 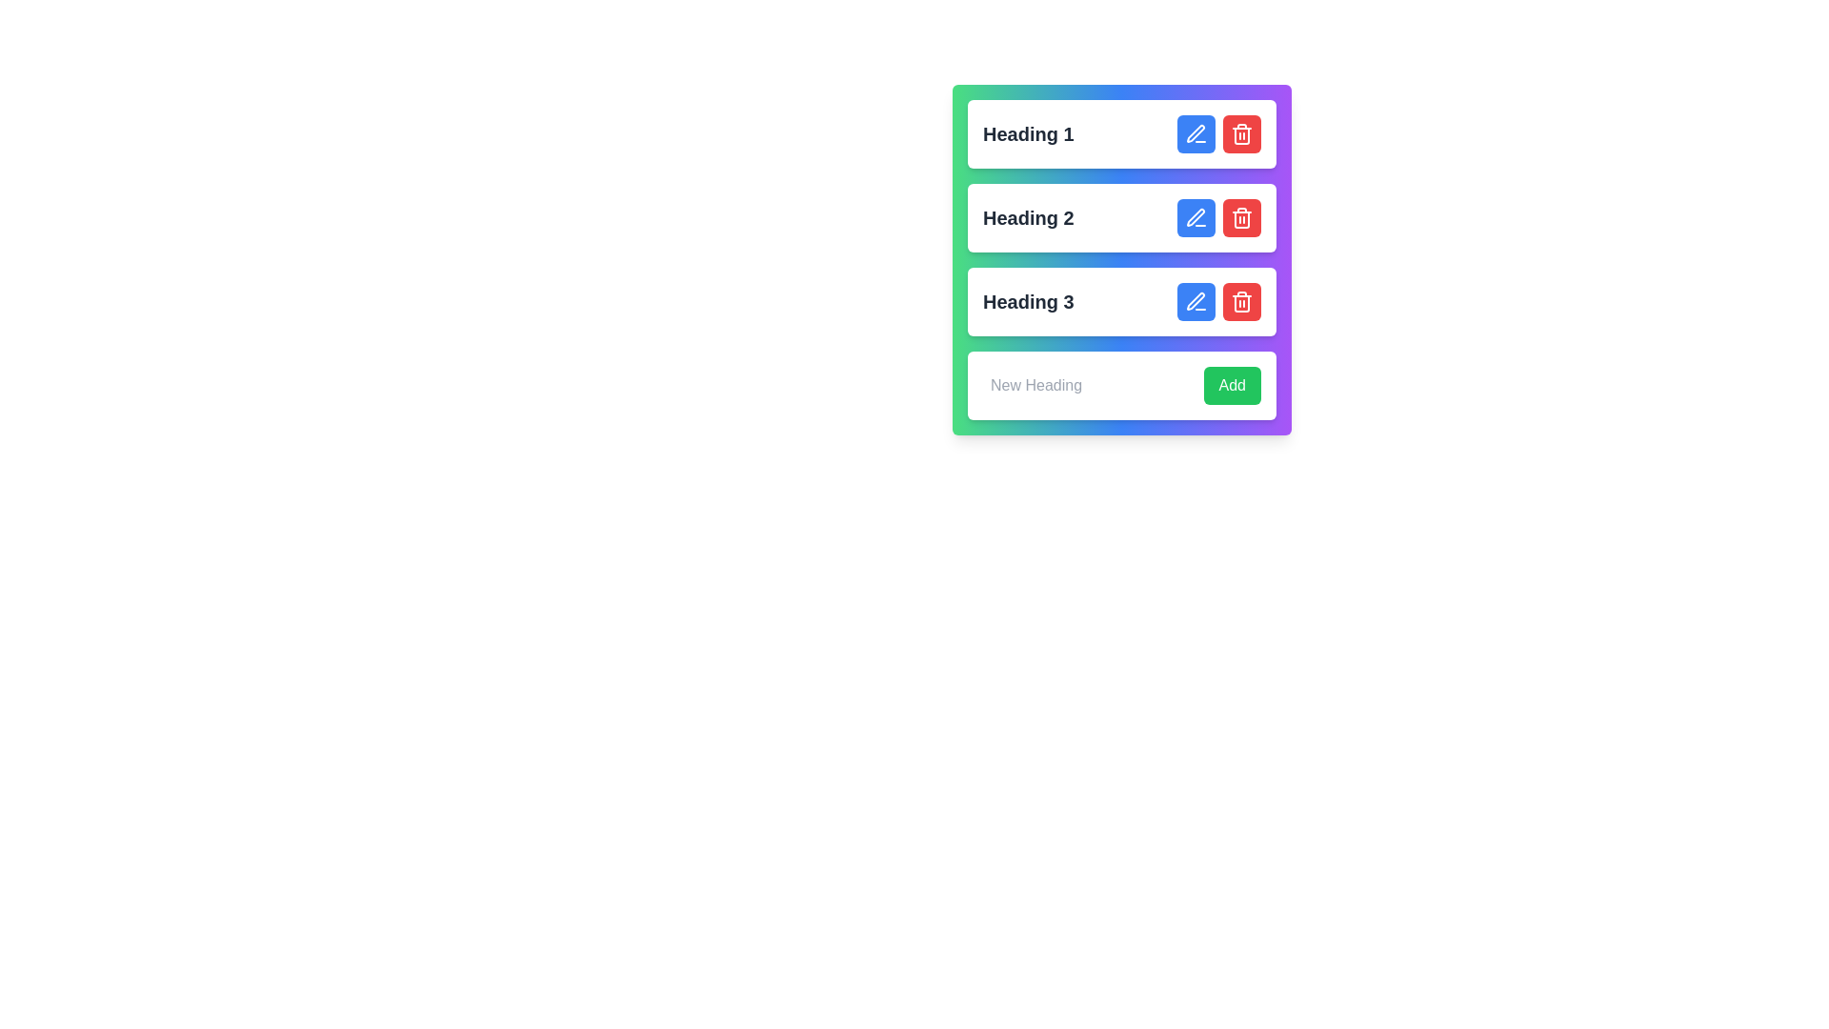 What do you see at coordinates (1196, 300) in the screenshot?
I see `the 'Edit' button located to the right of the 'Heading 3' label` at bounding box center [1196, 300].